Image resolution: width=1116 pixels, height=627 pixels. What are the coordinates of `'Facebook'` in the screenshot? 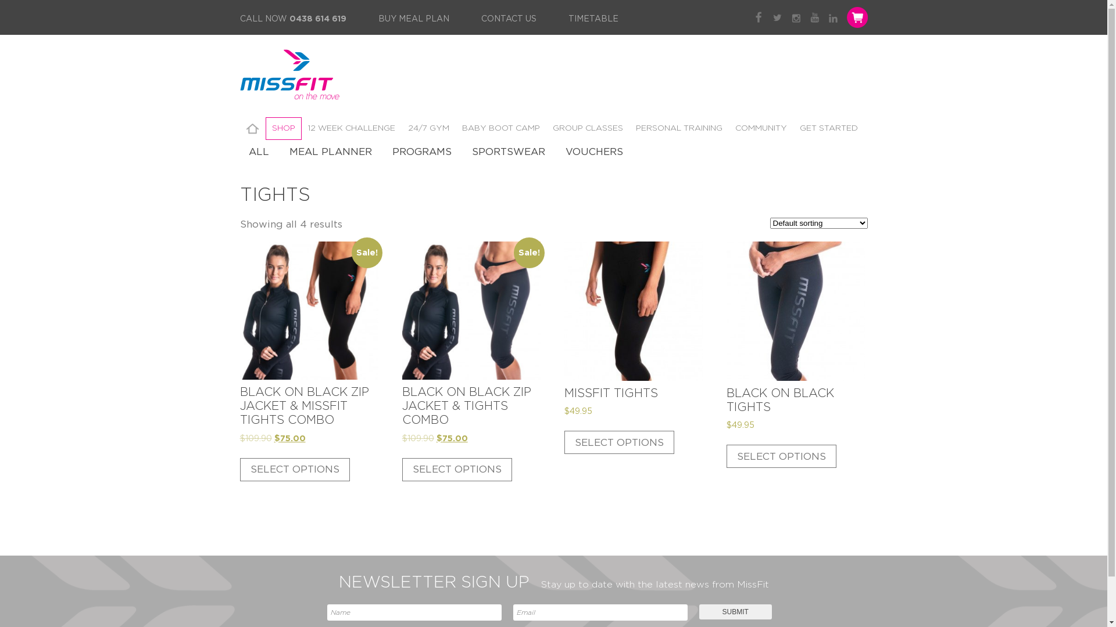 It's located at (759, 17).